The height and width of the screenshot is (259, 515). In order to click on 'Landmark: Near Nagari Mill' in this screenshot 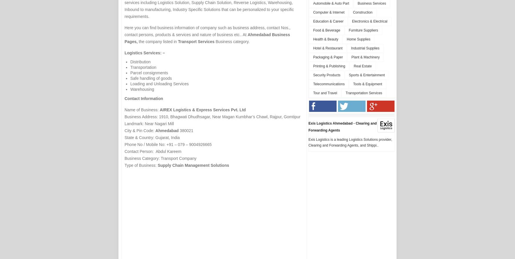, I will do `click(149, 124)`.